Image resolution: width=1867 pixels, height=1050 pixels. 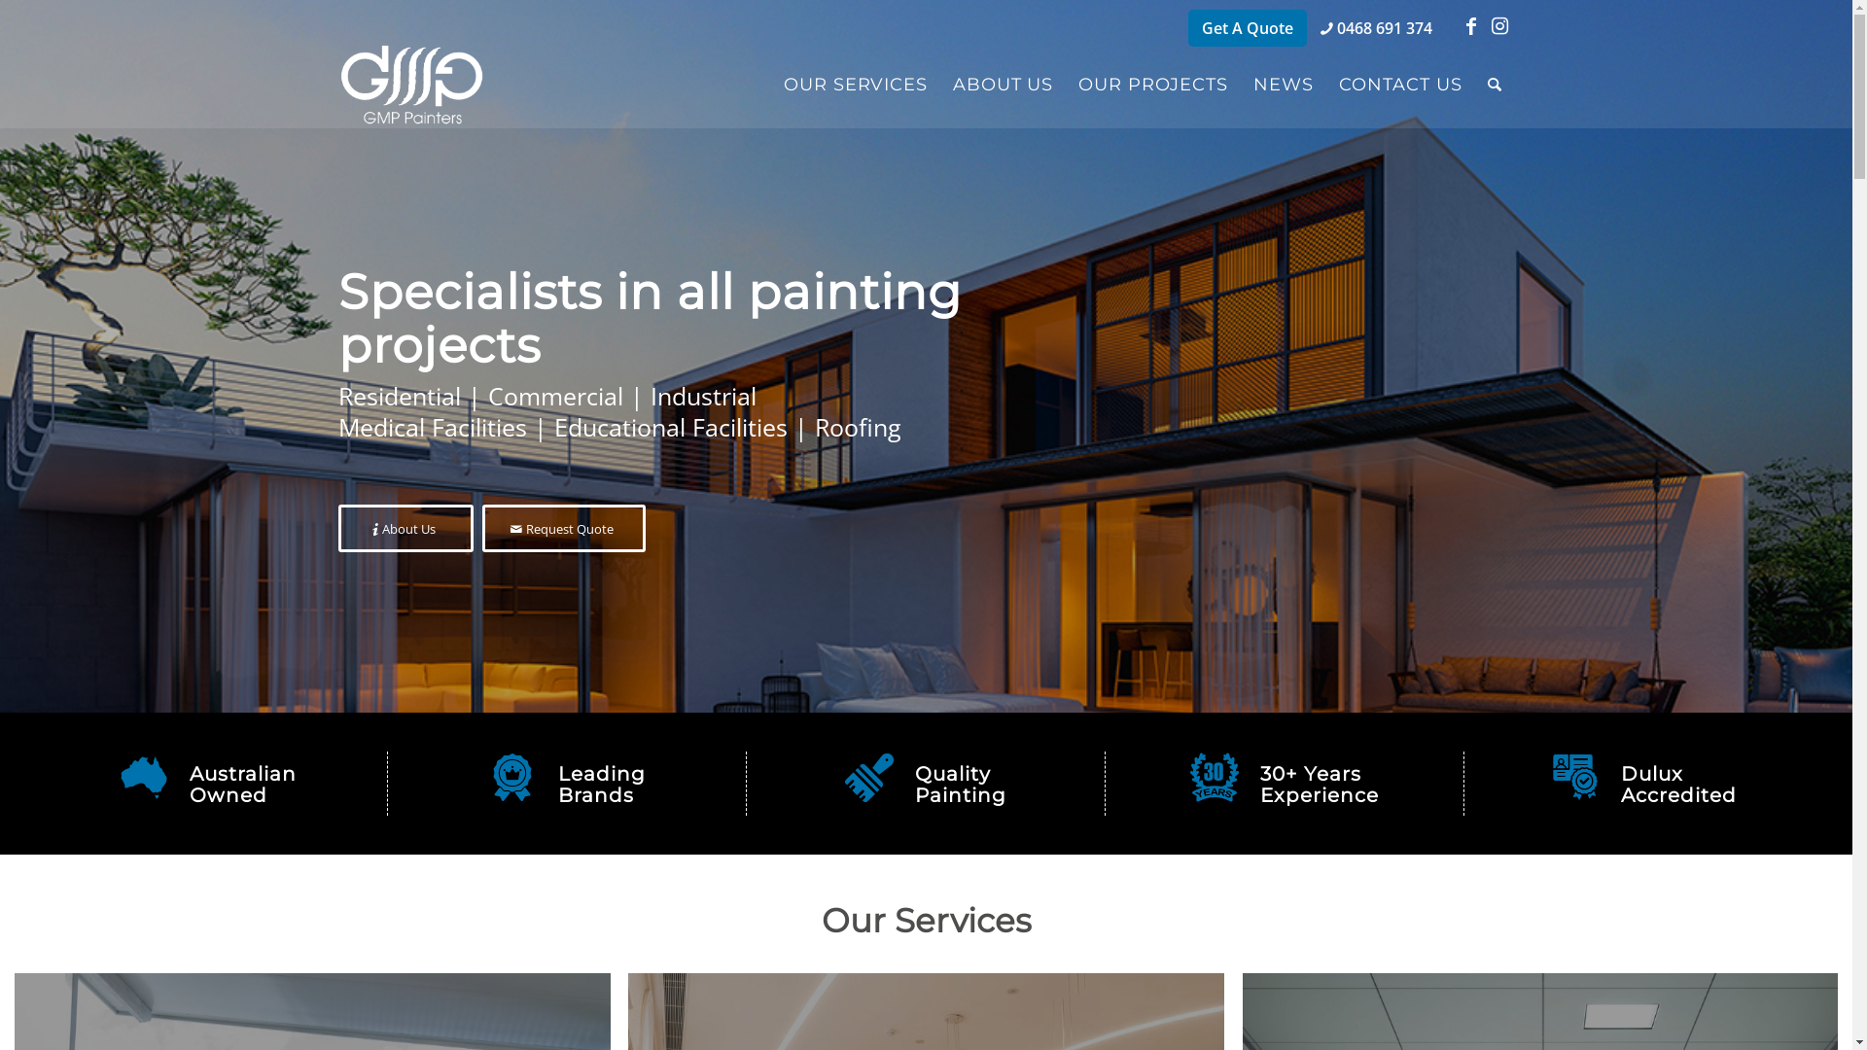 What do you see at coordinates (1247, 28) in the screenshot?
I see `'Get A Quote'` at bounding box center [1247, 28].